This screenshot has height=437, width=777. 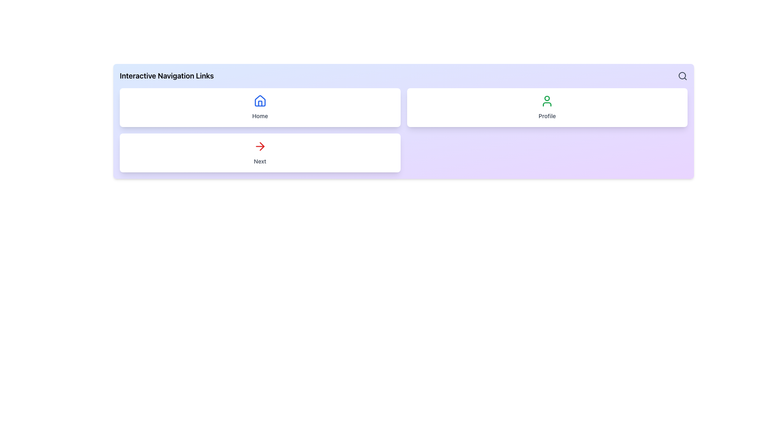 I want to click on the decorative detail within the house icon located in the top-left quadrant of the interface, so click(x=260, y=103).